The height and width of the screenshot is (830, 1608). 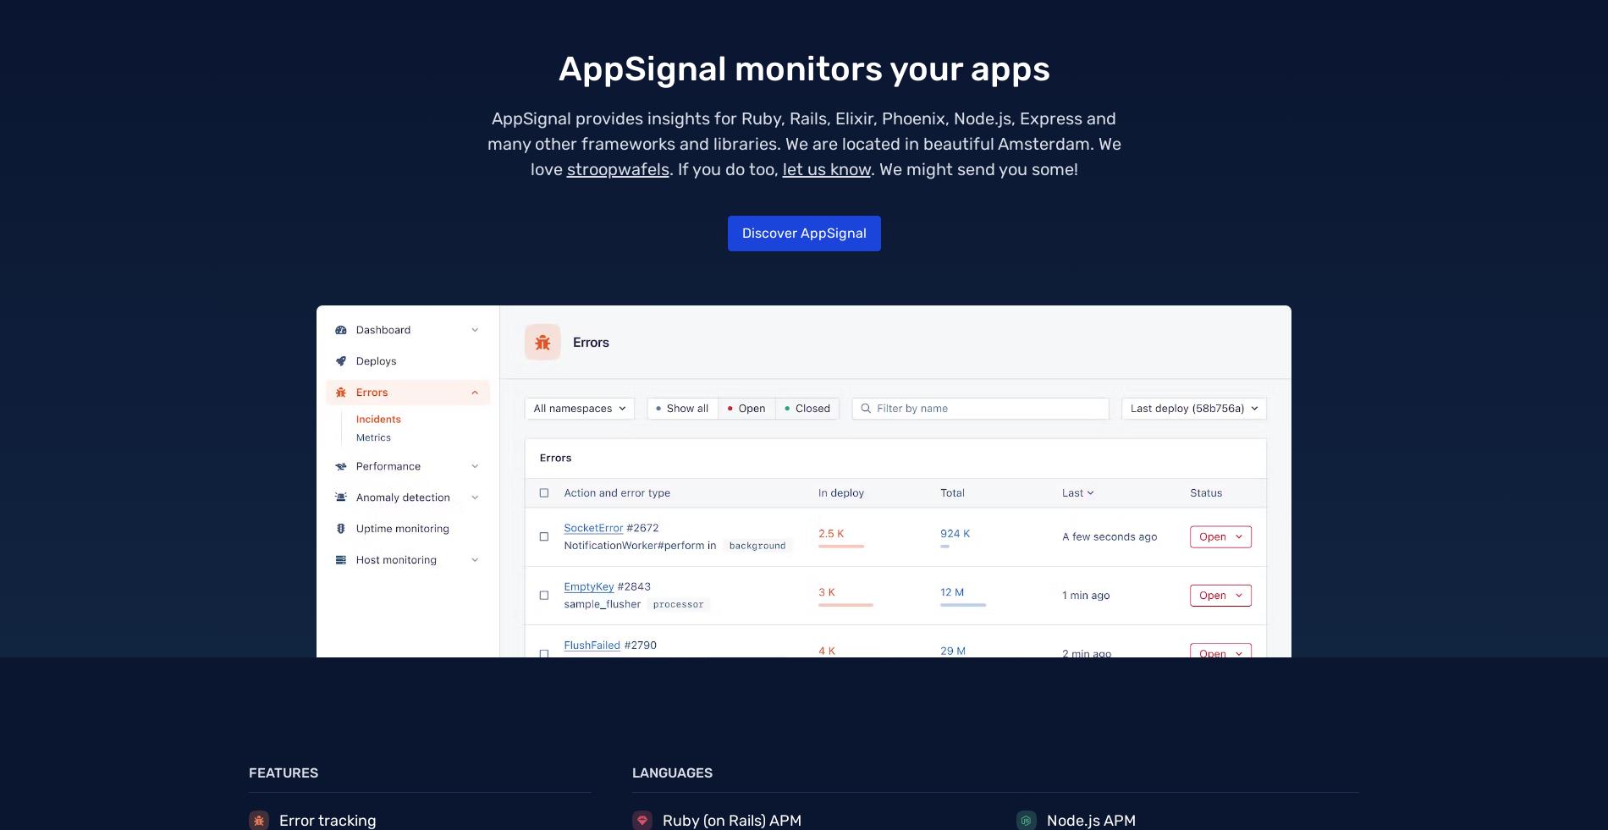 What do you see at coordinates (870, 168) in the screenshot?
I see `'. We might send you some!'` at bounding box center [870, 168].